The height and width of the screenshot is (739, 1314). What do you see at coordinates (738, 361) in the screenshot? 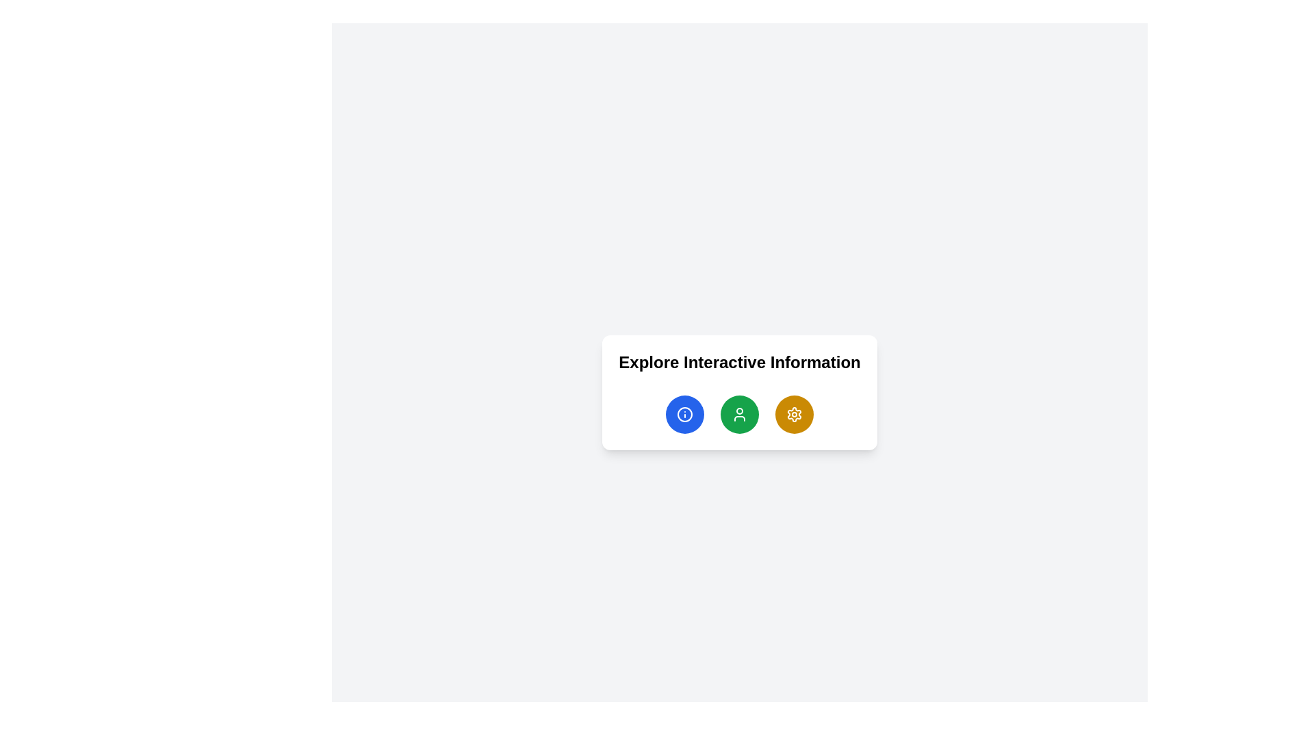
I see `the text label that reads 'Explore Interactive Information', which is bold and larger in size, positioned at the top of a card-like component above three circular icon buttons` at bounding box center [738, 361].